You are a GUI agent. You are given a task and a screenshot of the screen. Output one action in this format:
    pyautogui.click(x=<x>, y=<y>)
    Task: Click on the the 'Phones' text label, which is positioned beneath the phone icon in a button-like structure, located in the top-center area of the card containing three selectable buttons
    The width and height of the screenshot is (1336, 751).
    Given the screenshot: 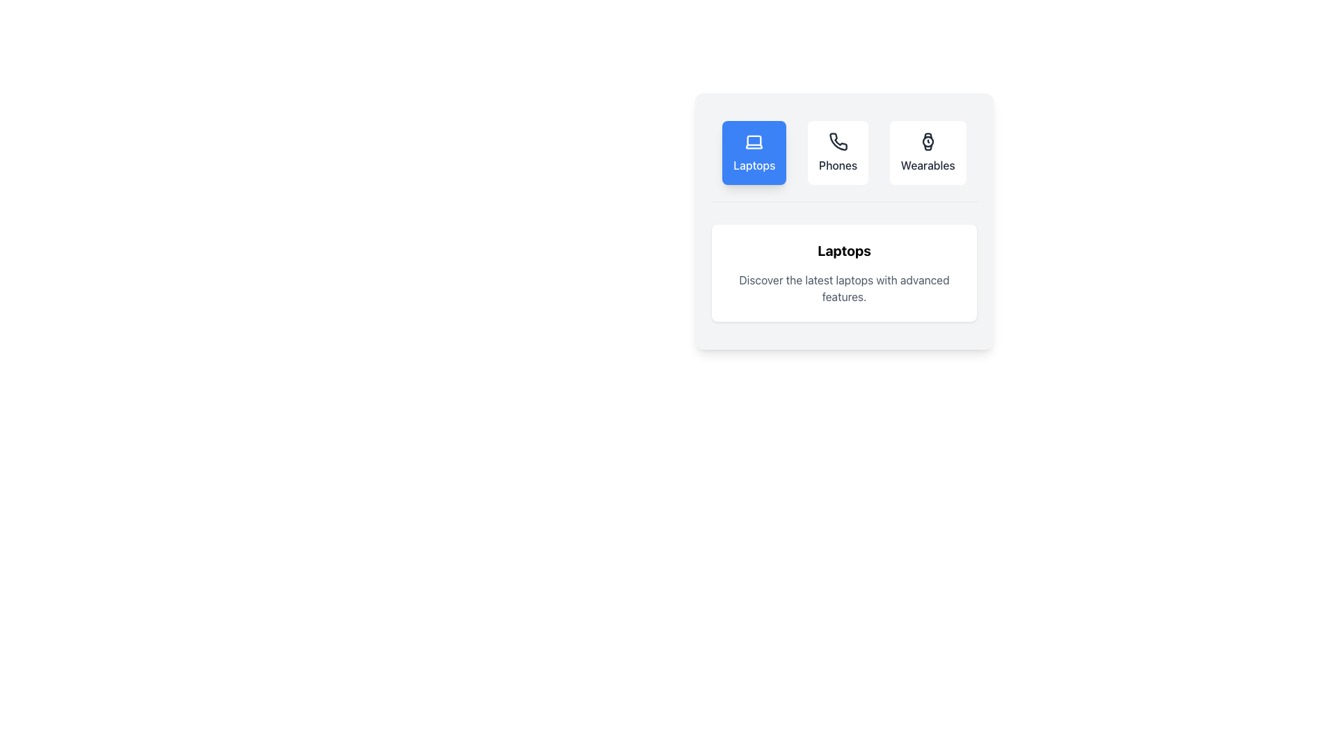 What is the action you would take?
    pyautogui.click(x=837, y=165)
    